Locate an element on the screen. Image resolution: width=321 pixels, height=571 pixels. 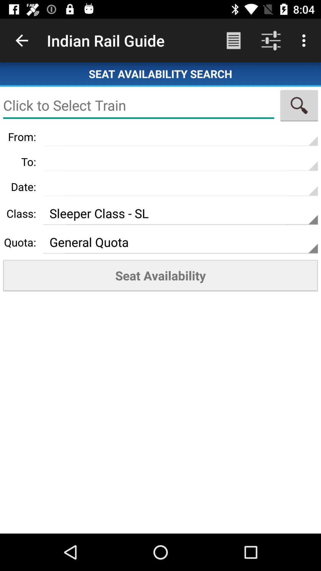
search is located at coordinates (299, 105).